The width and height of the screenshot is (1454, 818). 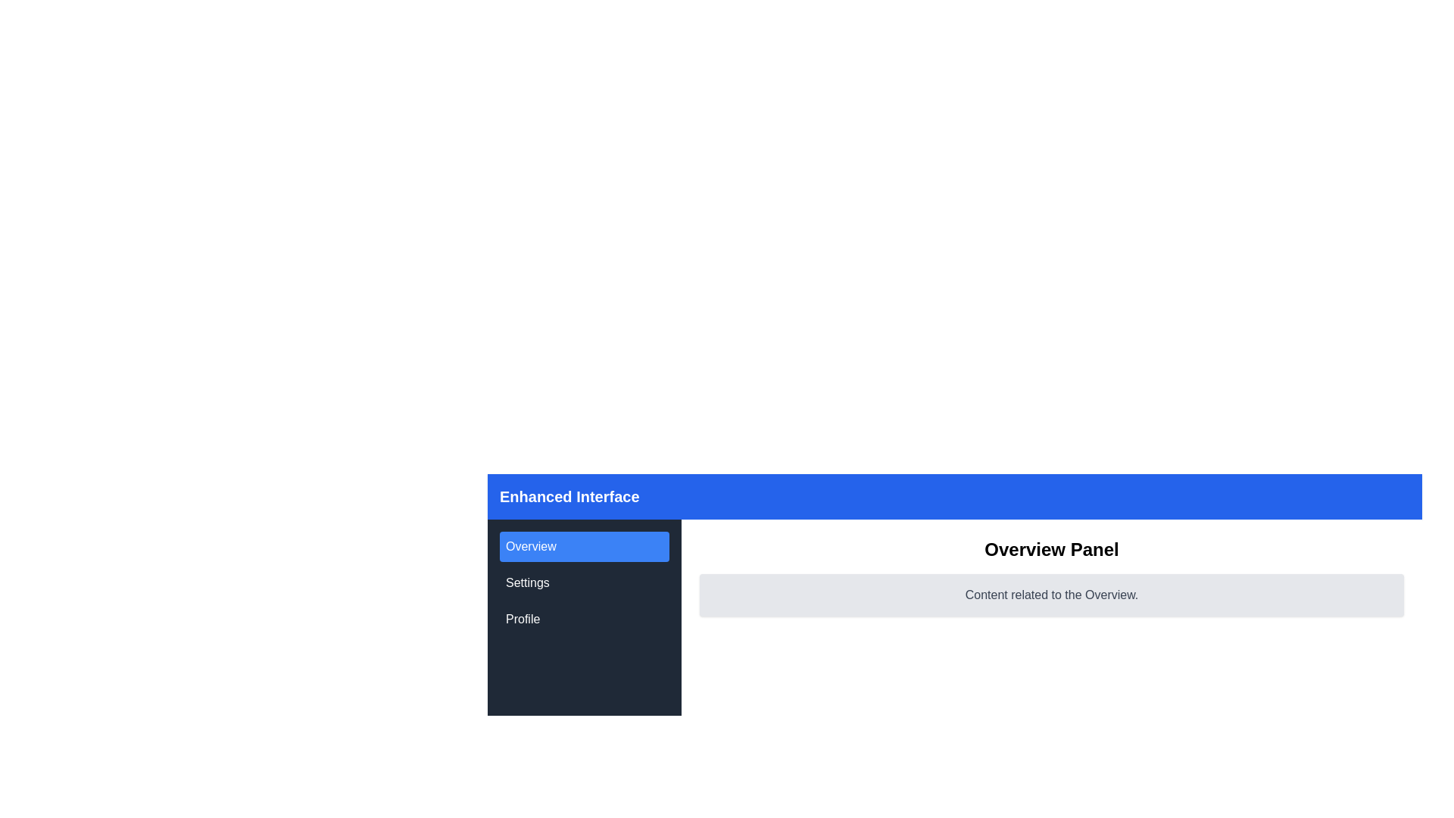 What do you see at coordinates (584, 582) in the screenshot?
I see `the 'Settings' button, which is the second item in the navigation panel` at bounding box center [584, 582].